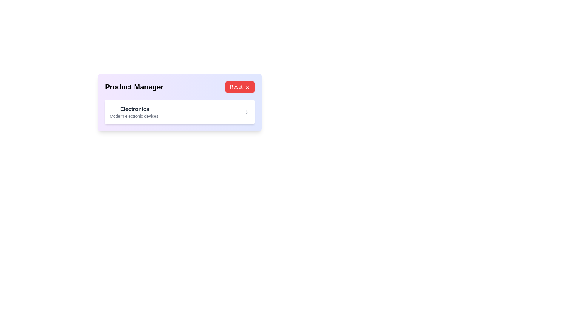 The height and width of the screenshot is (322, 573). I want to click on the text element displaying 'Modern electronic devices.' located below the 'Electronics' label, styled in smaller gray font, so click(134, 116).